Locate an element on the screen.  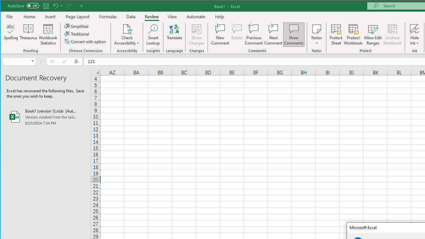
'System' is located at coordinates (6, 6).